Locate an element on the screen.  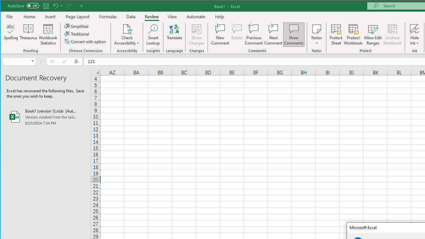
'System' is located at coordinates (6, 6).